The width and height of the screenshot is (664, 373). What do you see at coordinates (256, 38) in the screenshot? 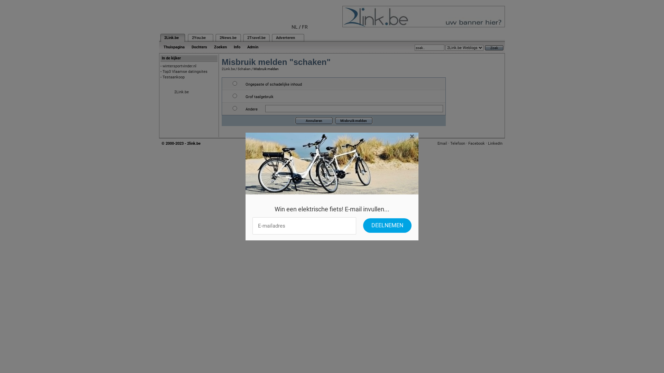
I see `'2Travel.be'` at bounding box center [256, 38].